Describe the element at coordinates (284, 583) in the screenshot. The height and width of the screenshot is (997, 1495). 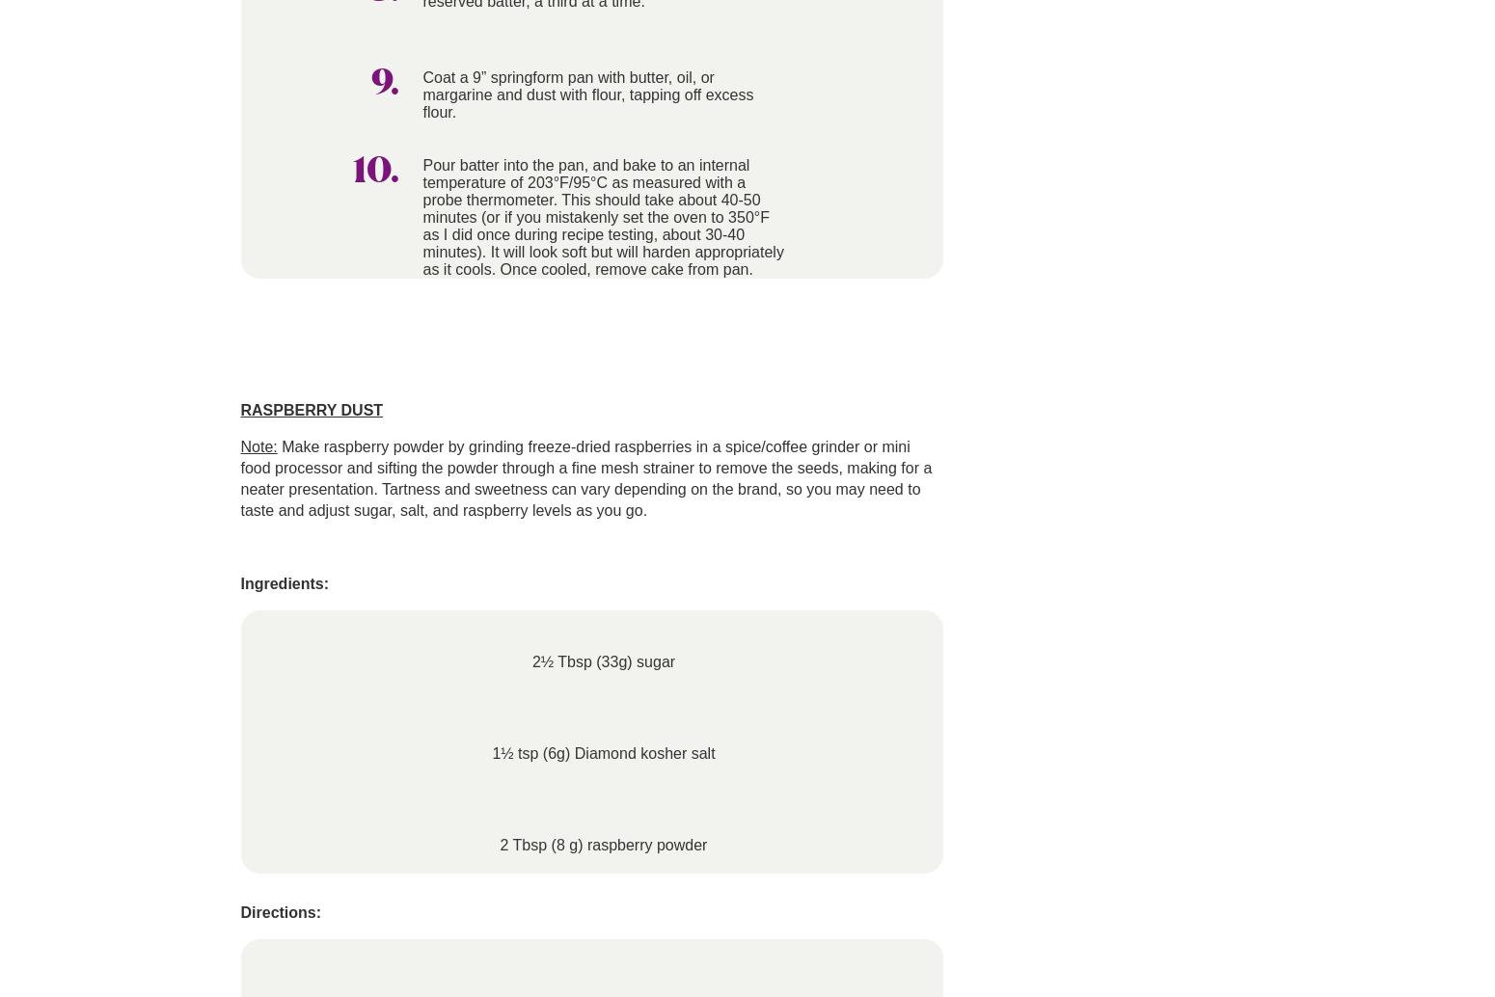
I see `'Ingredients:'` at that location.